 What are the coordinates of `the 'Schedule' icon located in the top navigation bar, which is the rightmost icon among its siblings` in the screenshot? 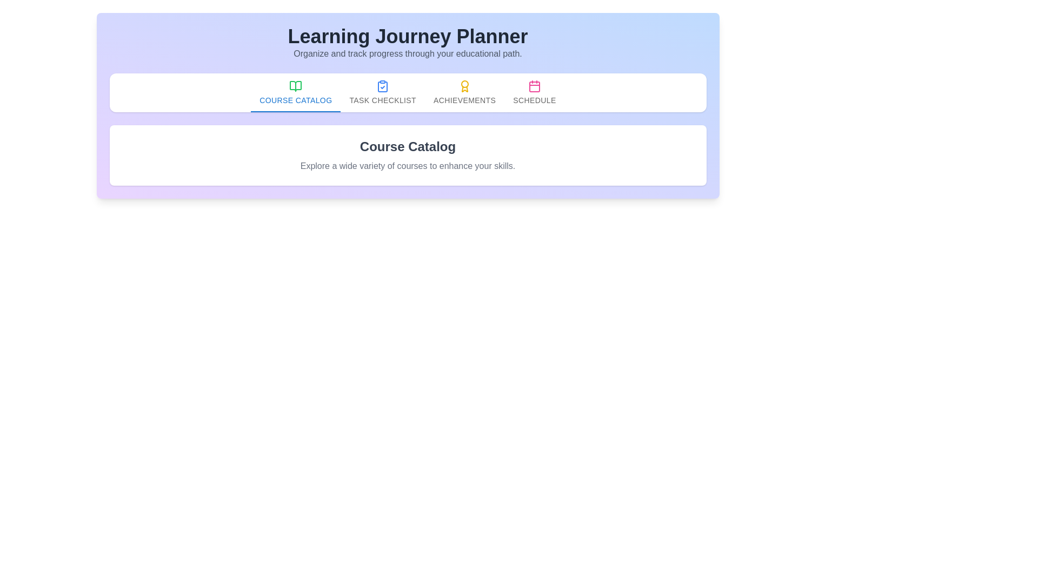 It's located at (534, 86).